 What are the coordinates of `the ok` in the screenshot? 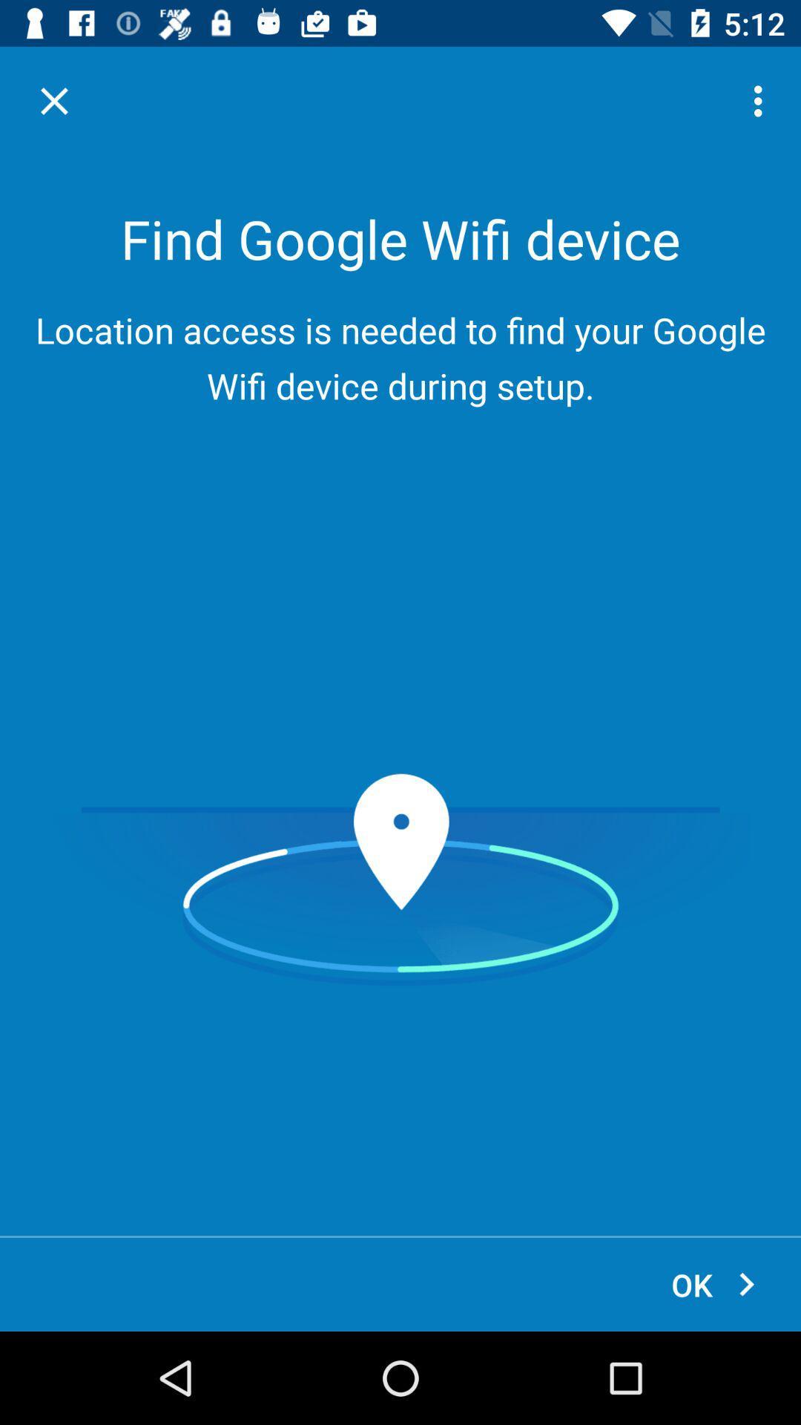 It's located at (714, 1284).